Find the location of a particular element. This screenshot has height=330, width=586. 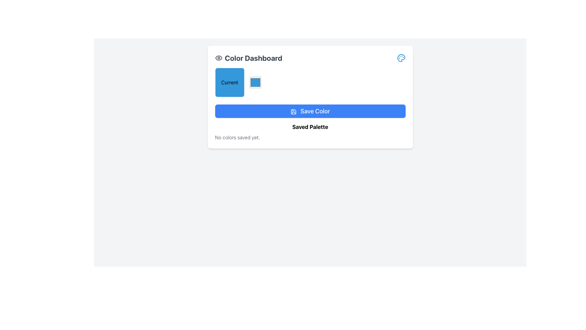

the save color button, which is positioned centrally below the 'Current' color display and above the 'Saved Palette' title is located at coordinates (310, 111).